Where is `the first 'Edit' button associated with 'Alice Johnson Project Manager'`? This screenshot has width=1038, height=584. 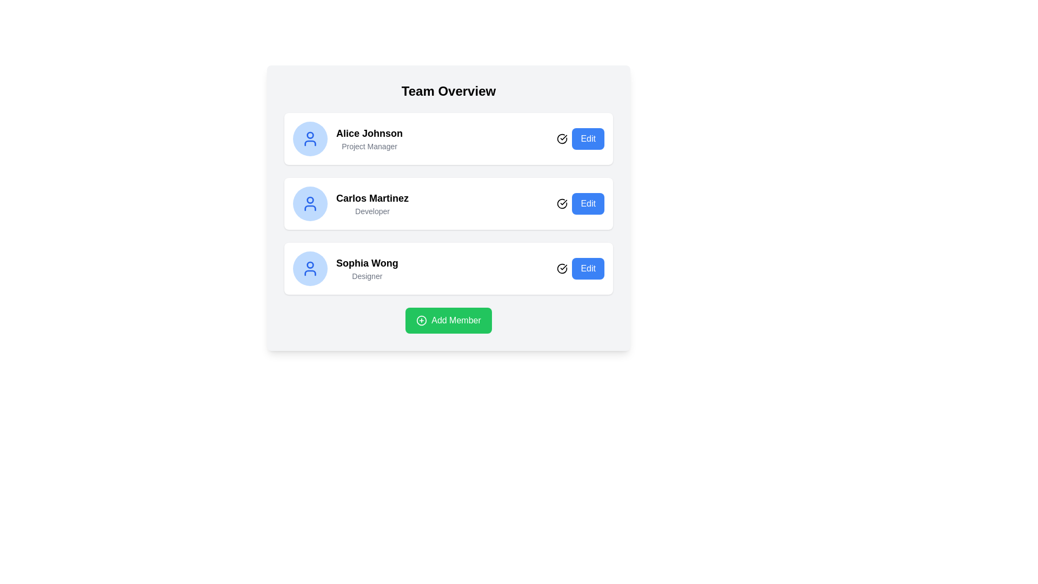
the first 'Edit' button associated with 'Alice Johnson Project Manager' is located at coordinates (588, 138).